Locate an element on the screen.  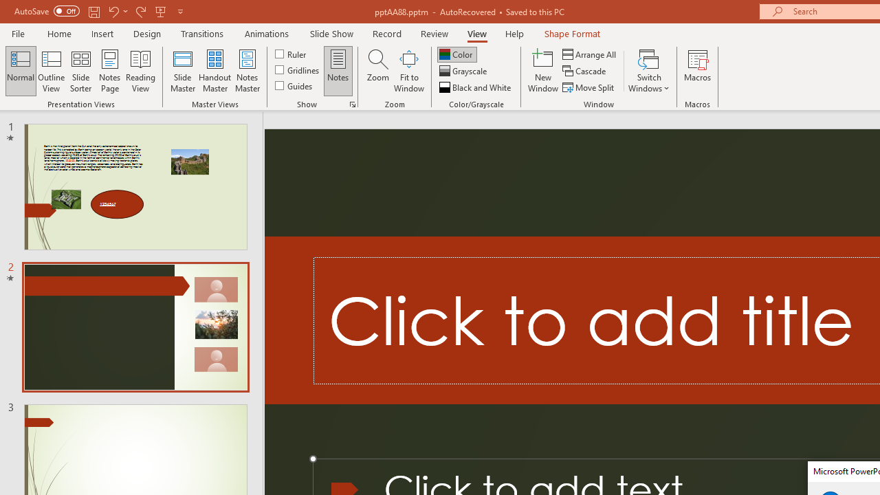
'Zoom...' is located at coordinates (377, 71).